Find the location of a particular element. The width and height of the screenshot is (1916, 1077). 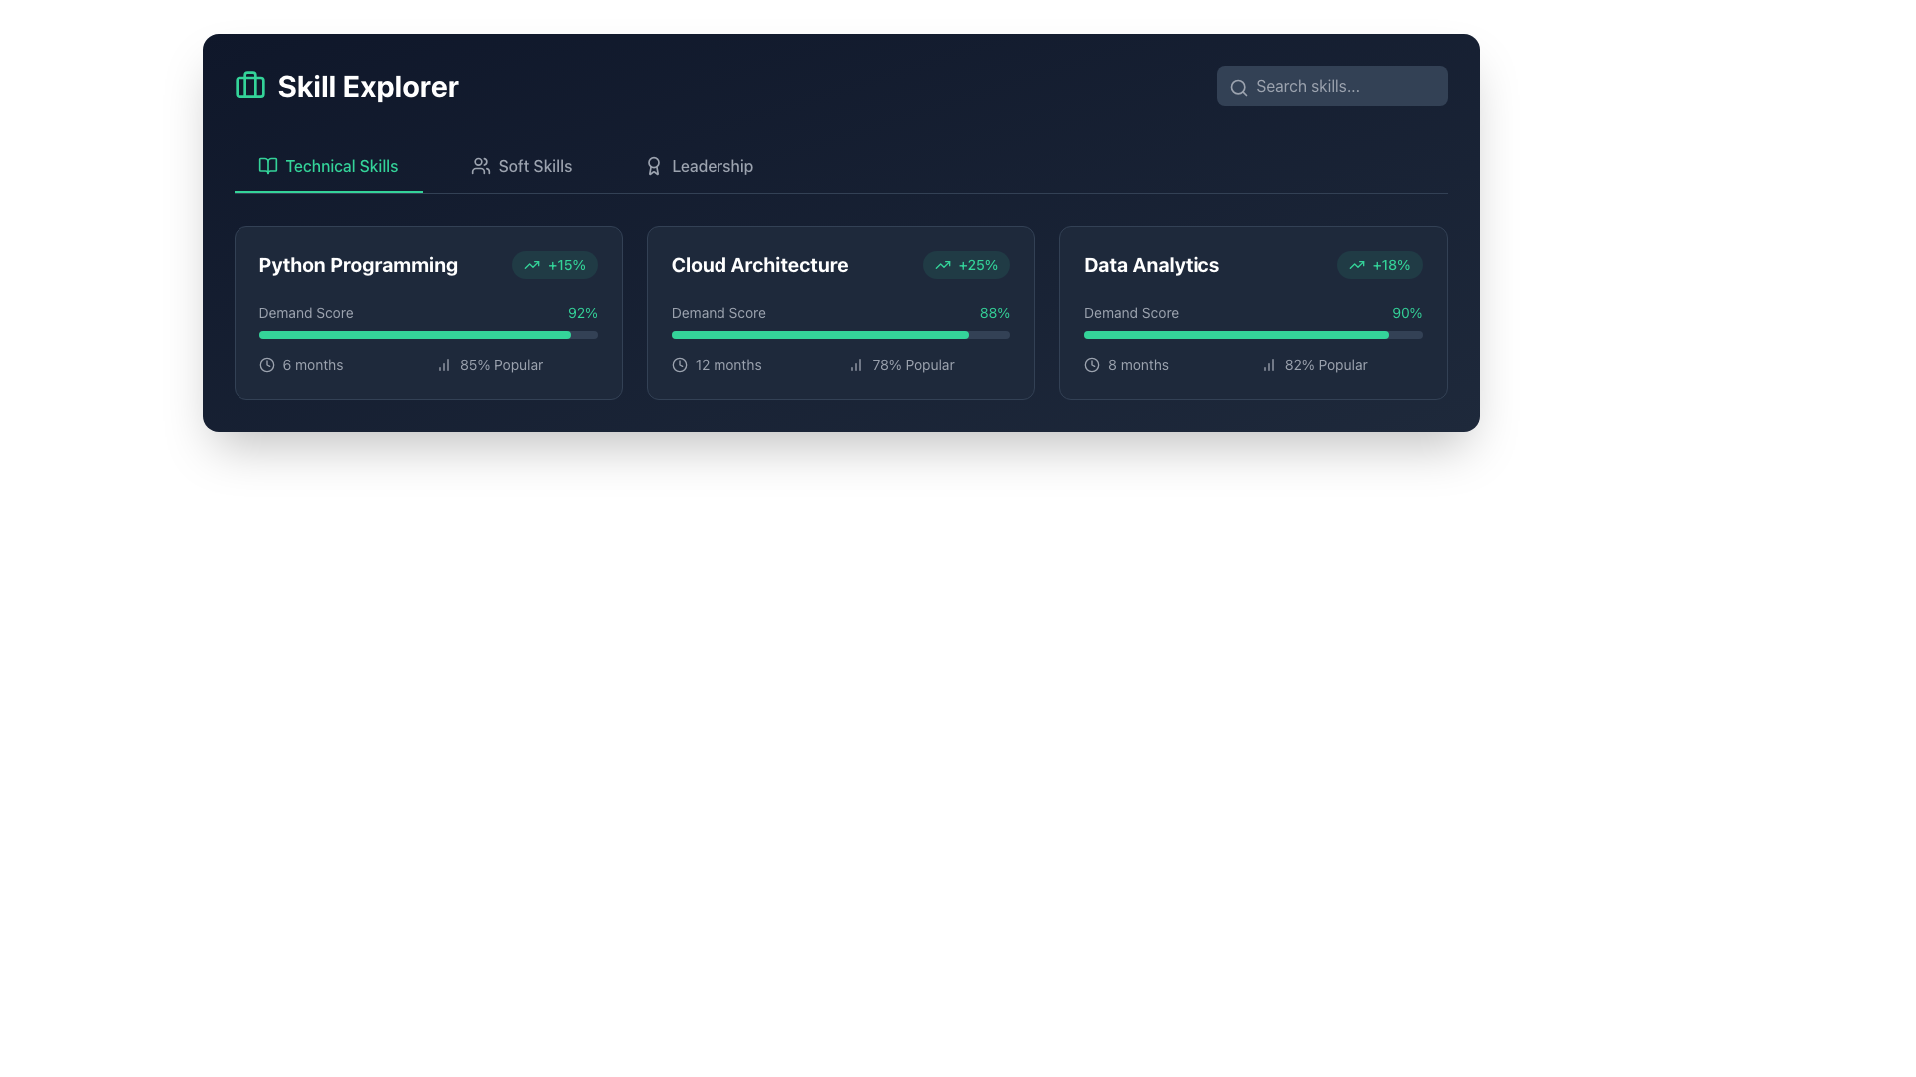

the static icon that visually represents popularity, located to the left of the '78% Popular' text in the 'Cloud Architecture' section of the dashboard is located at coordinates (856, 365).